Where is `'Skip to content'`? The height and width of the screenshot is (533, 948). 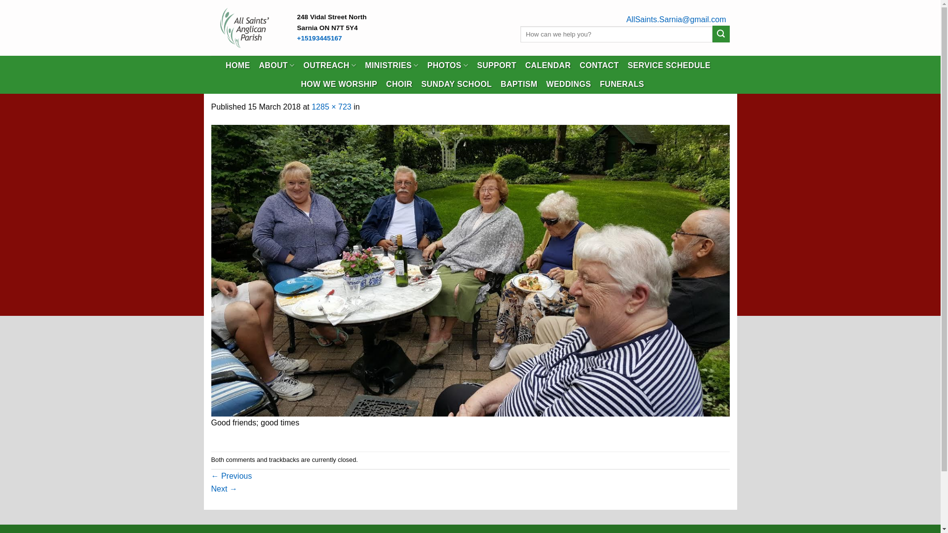
'Skip to content' is located at coordinates (0, 0).